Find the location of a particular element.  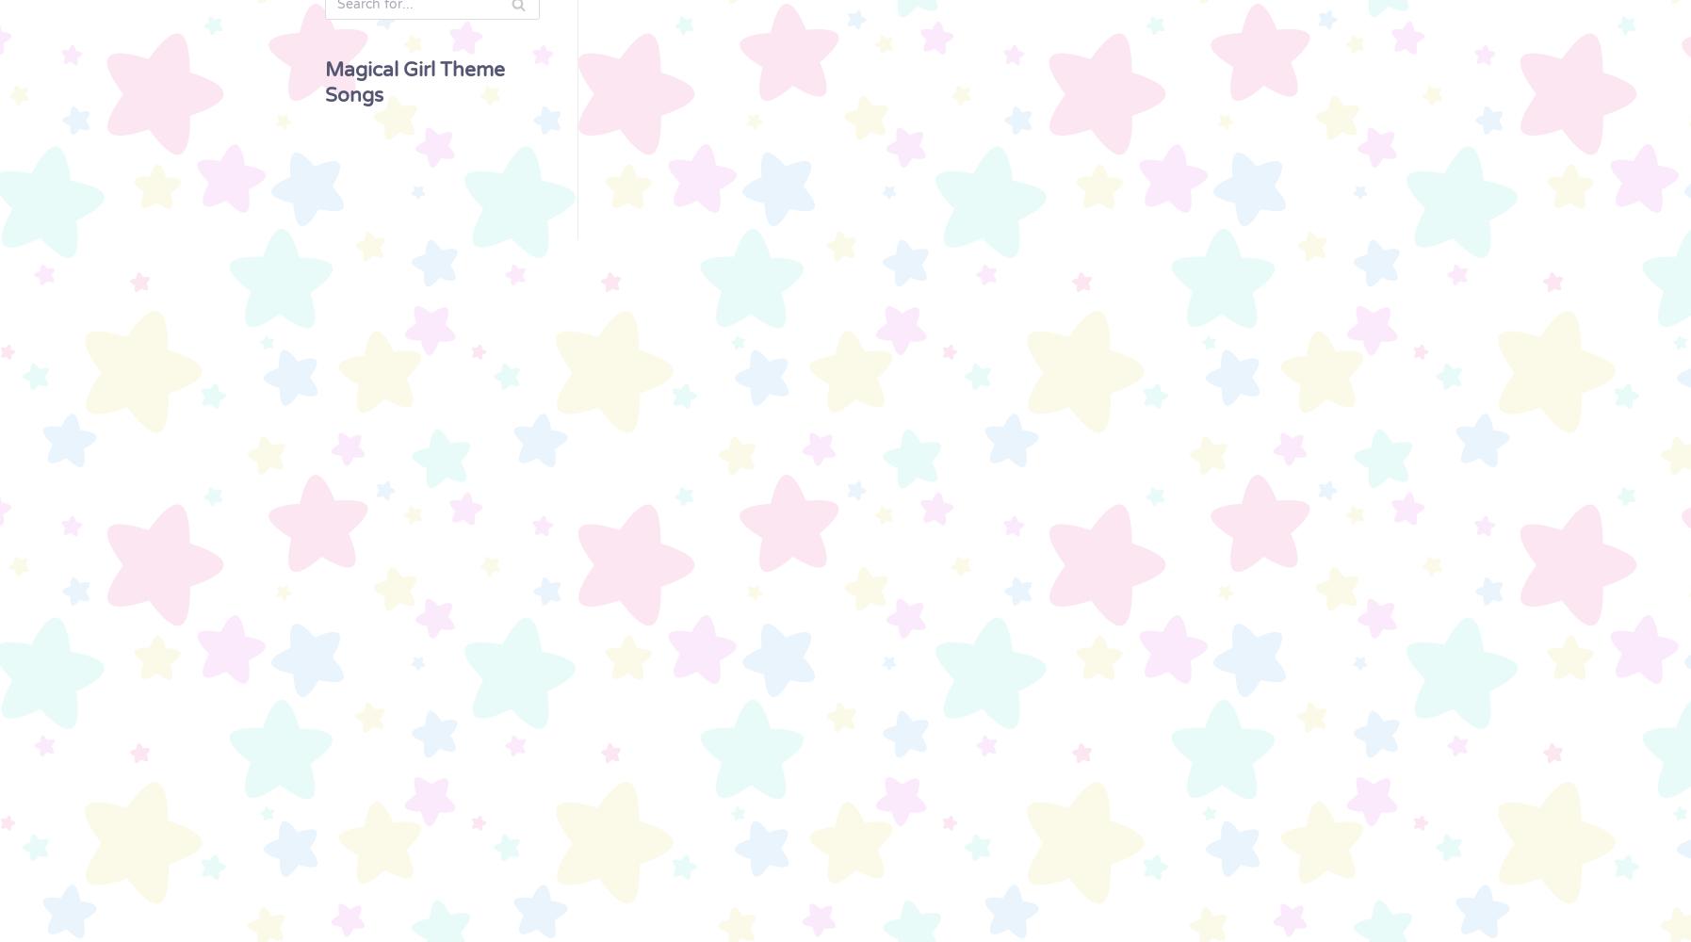

'Princess' is located at coordinates (63, 90).